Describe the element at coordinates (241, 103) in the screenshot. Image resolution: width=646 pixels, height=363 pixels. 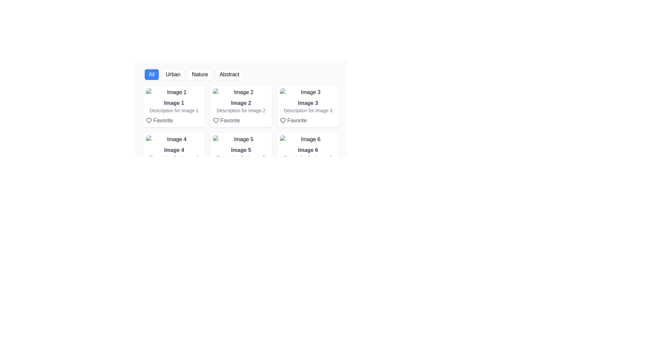
I see `the text label that serves as the title or heading for its corresponding image and descriptive content, located in the middle column of a grid layout, specifically in the second cell of the top row` at that location.